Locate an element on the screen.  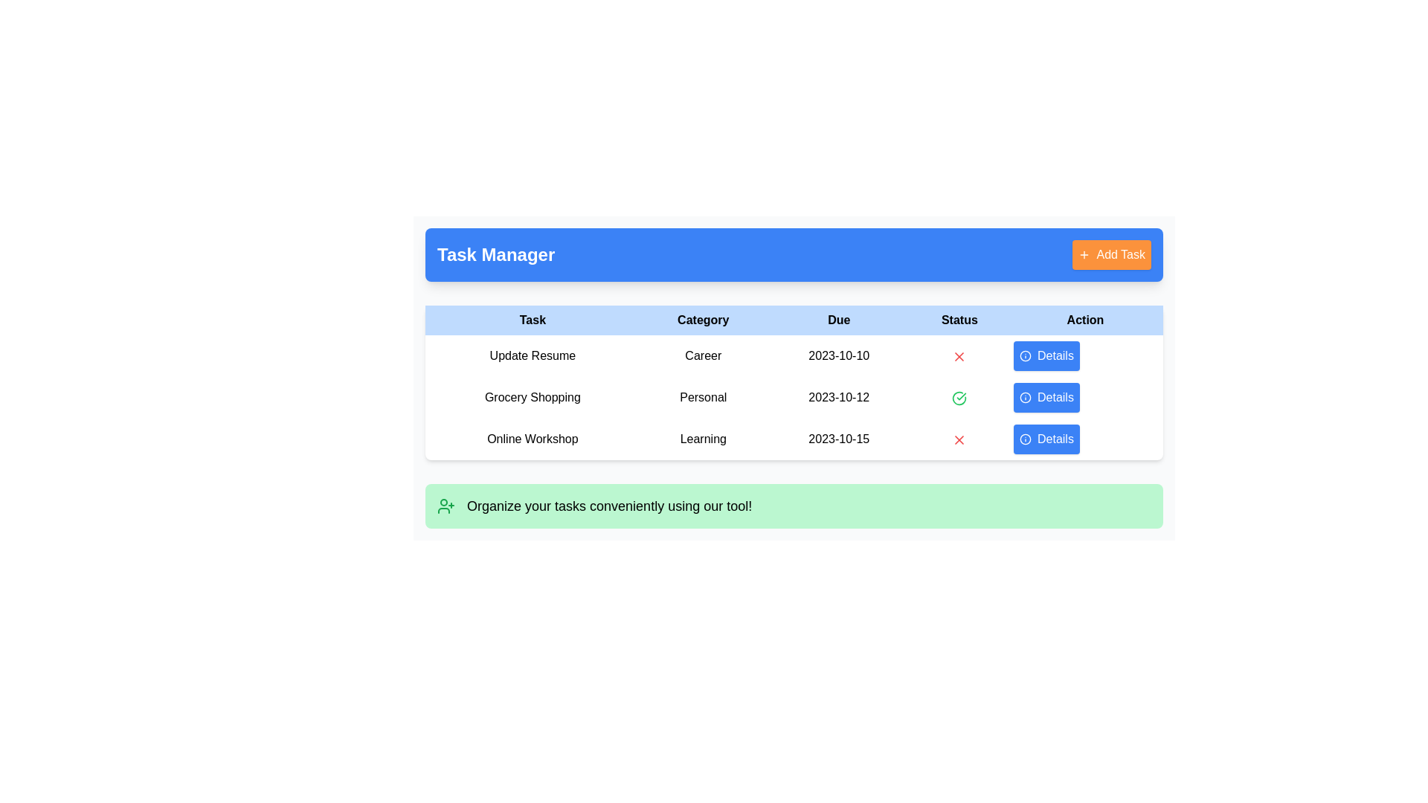
the 'Category' label, which displays the text in bold black font against a light blue background, positioned as the second item in a horizontal menu within a table-like layout is located at coordinates (702, 320).